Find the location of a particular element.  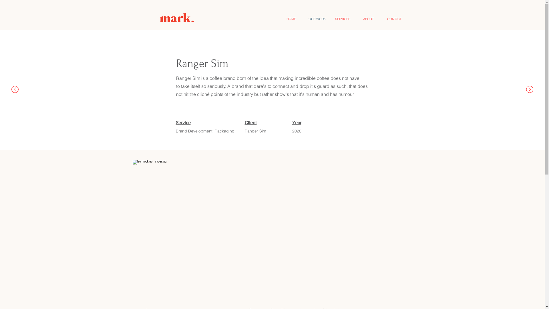

'OUR WORK' is located at coordinates (304, 18).